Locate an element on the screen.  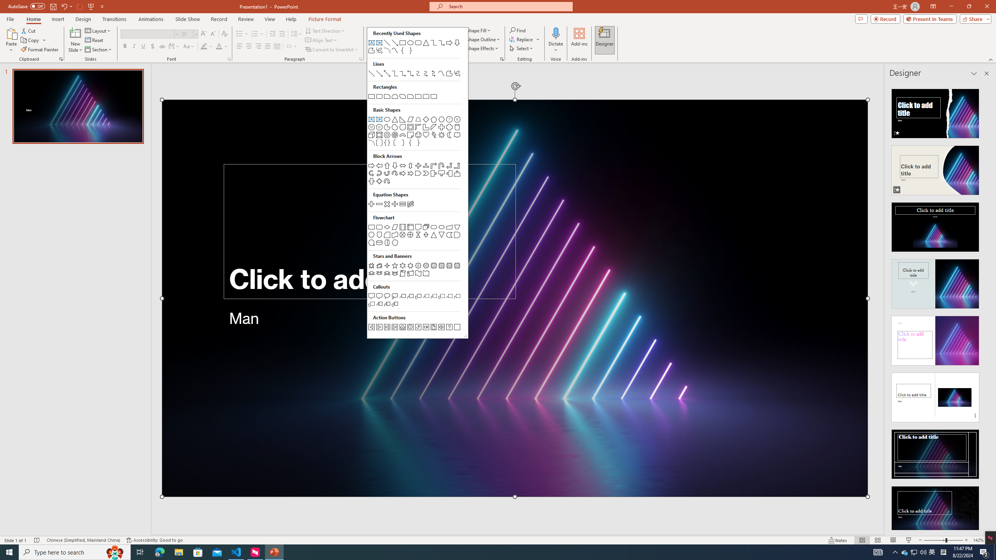
'Minimize' is located at coordinates (950, 6).